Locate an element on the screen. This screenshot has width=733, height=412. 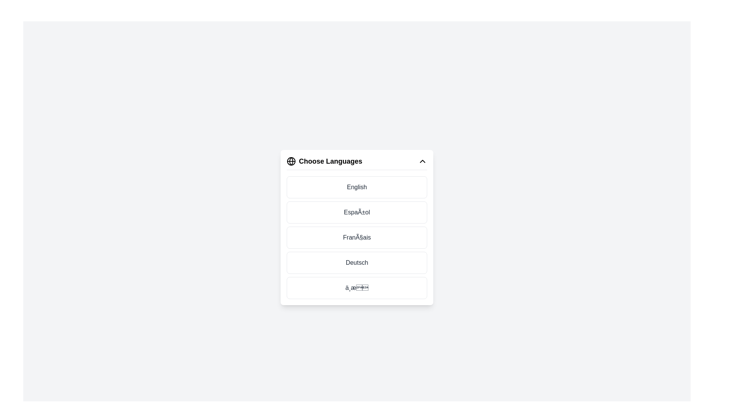
the 'Choose Languages' dropdown header is located at coordinates (357, 163).